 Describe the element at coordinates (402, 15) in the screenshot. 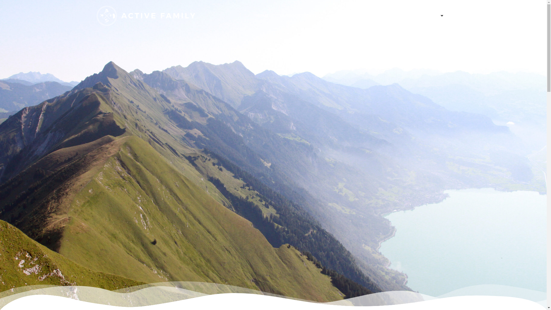

I see `'GEAR'` at that location.